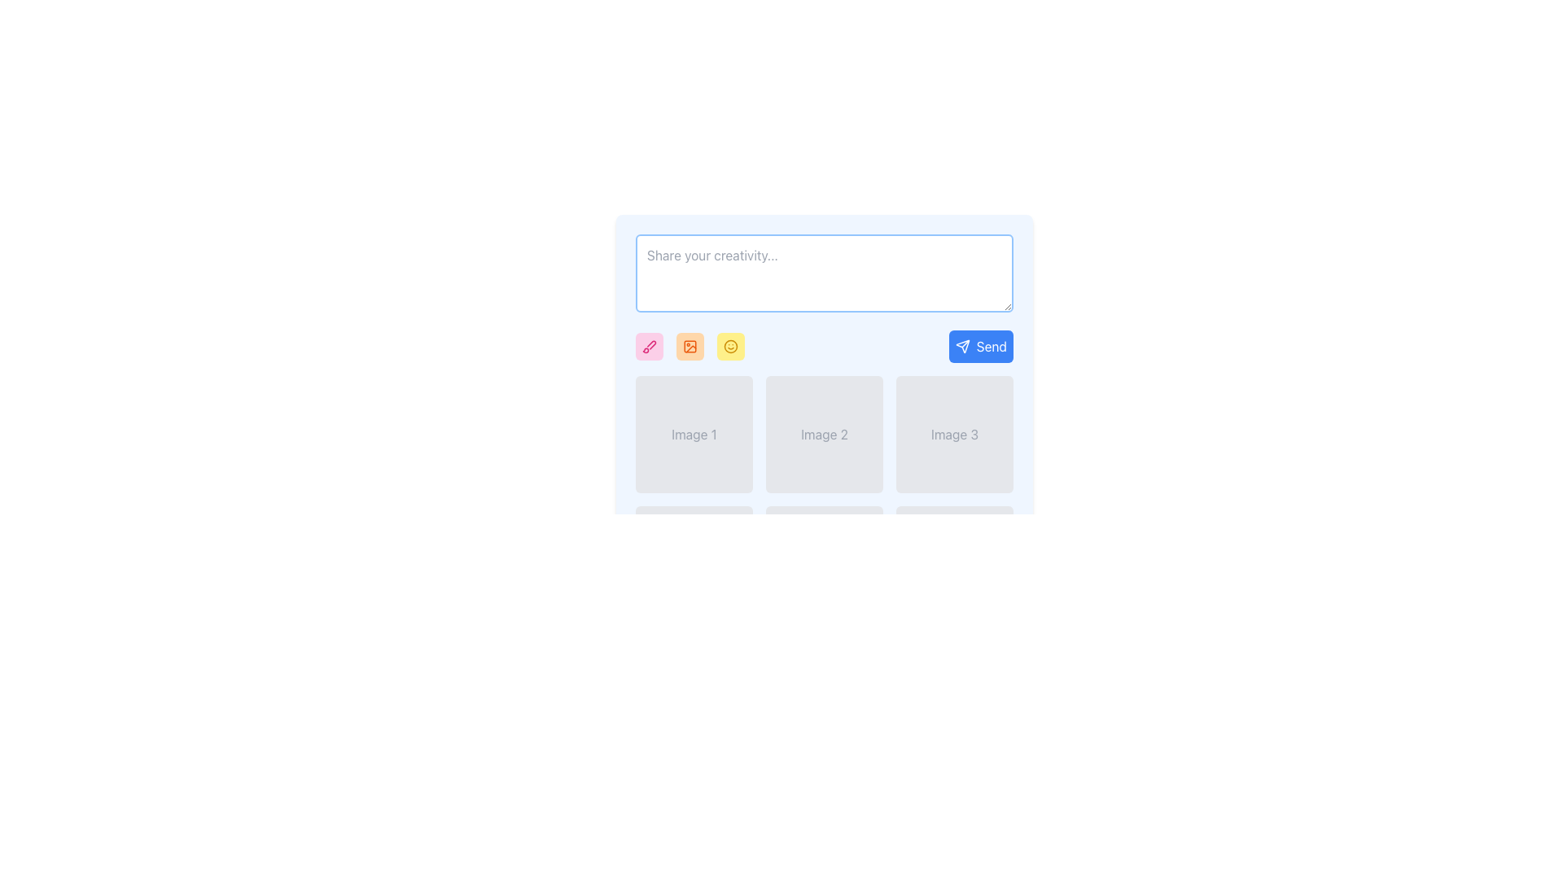 The height and width of the screenshot is (879, 1563). Describe the element at coordinates (690, 345) in the screenshot. I see `the orange icon with rounded corners, which is the second icon from the left in the icon group located near the top-left corner of the UI` at that location.